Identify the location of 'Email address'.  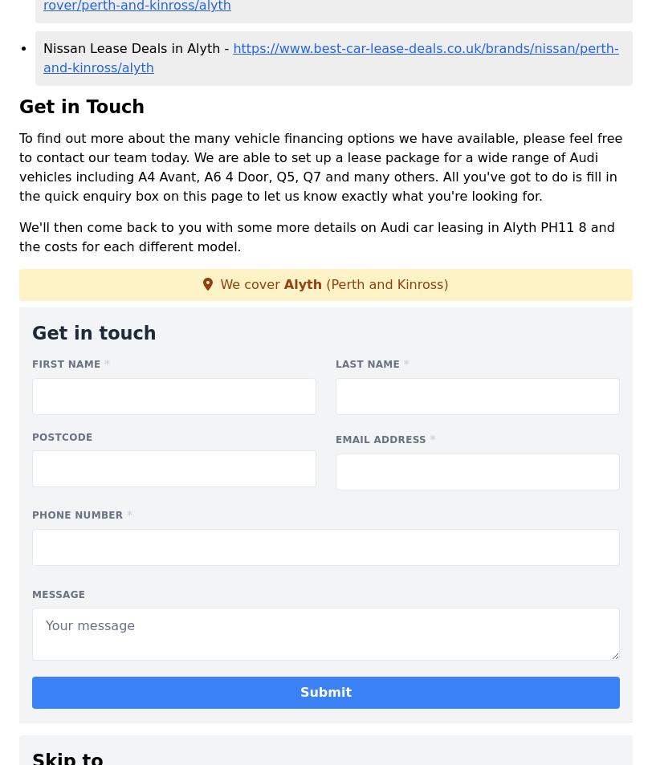
(381, 439).